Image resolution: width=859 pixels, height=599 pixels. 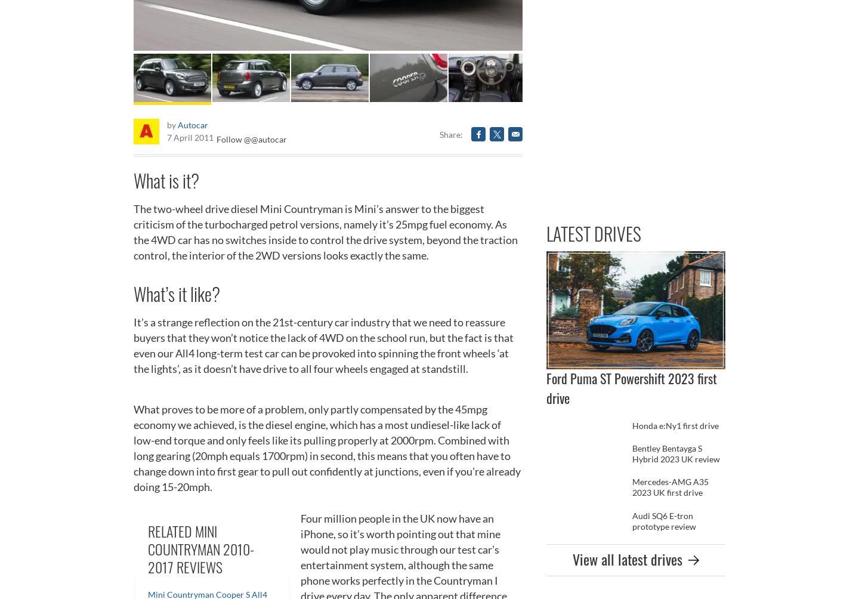 I want to click on 'Honda e:Ny1 first drive', so click(x=675, y=424).